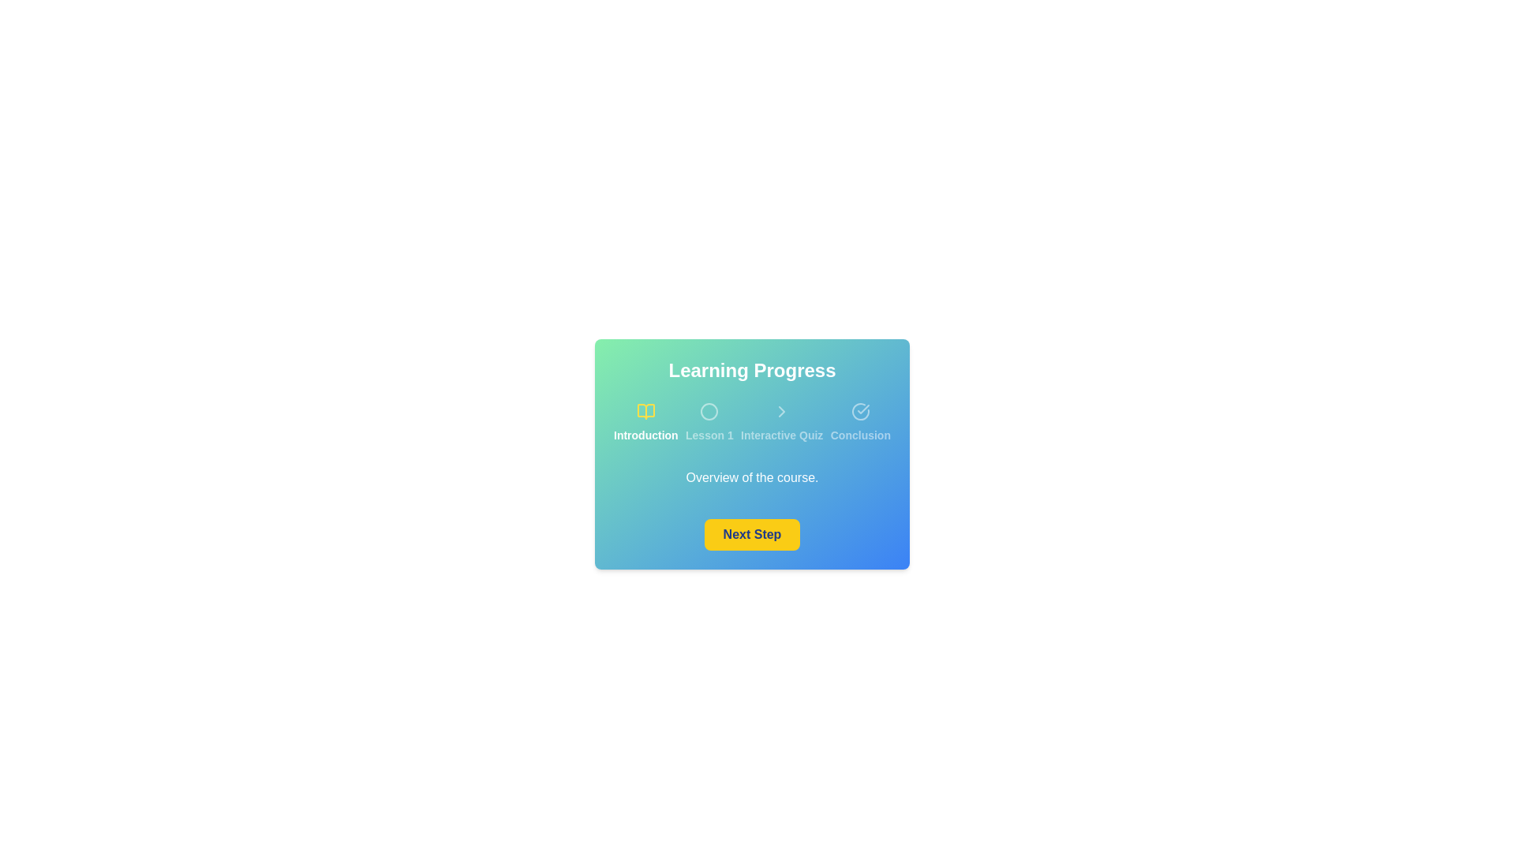 The width and height of the screenshot is (1515, 852). What do you see at coordinates (859, 435) in the screenshot?
I see `the 'Conclusion' text label, which is the fourth item in a series of steps in a progress tracker, positioned to the far right and preceded by 'Interactive Quiz'` at bounding box center [859, 435].